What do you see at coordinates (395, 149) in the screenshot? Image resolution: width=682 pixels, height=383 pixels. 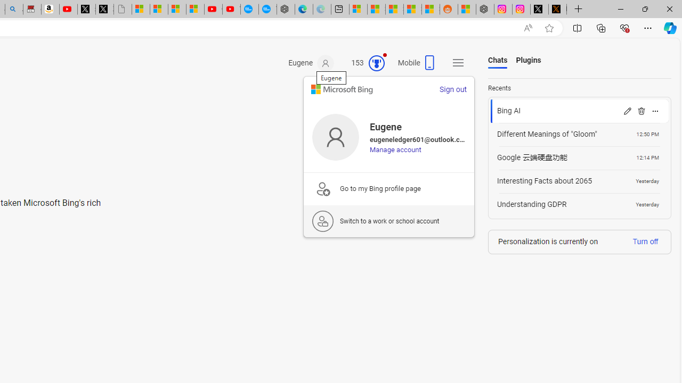 I see `'Manage account'` at bounding box center [395, 149].